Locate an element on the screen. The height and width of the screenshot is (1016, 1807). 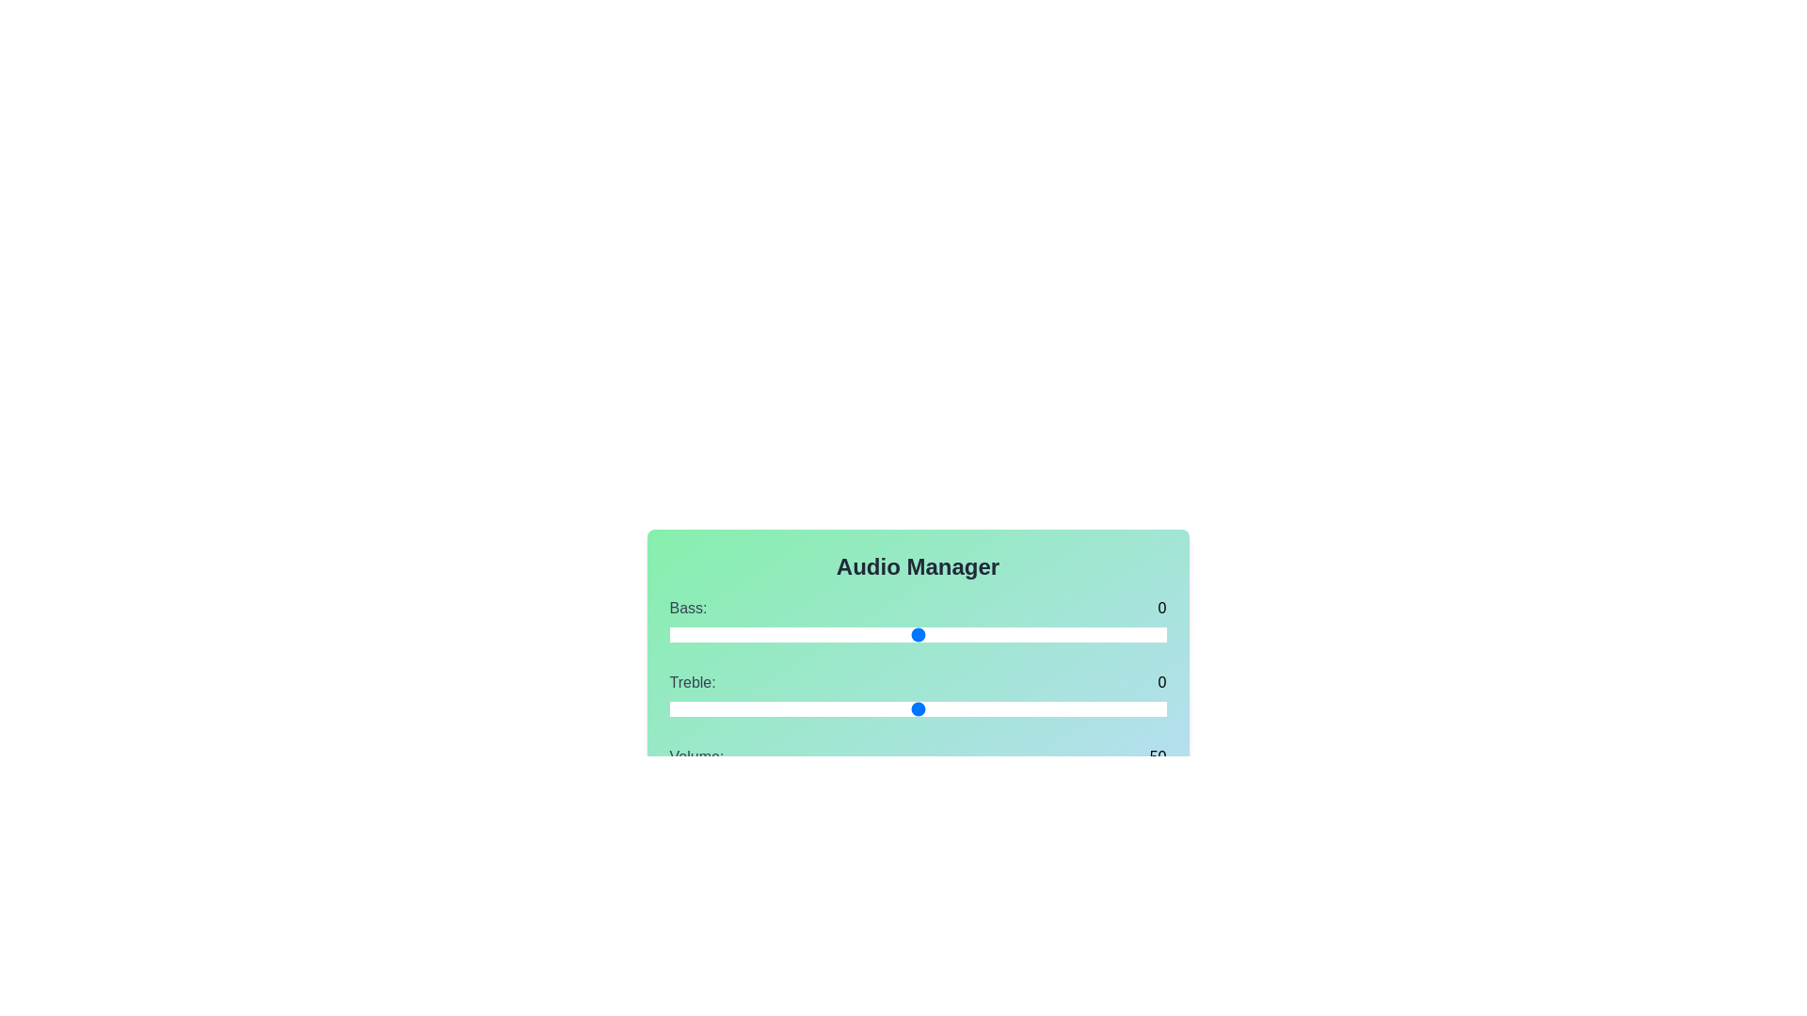
the Treble slider to 4 is located at coordinates (1016, 708).